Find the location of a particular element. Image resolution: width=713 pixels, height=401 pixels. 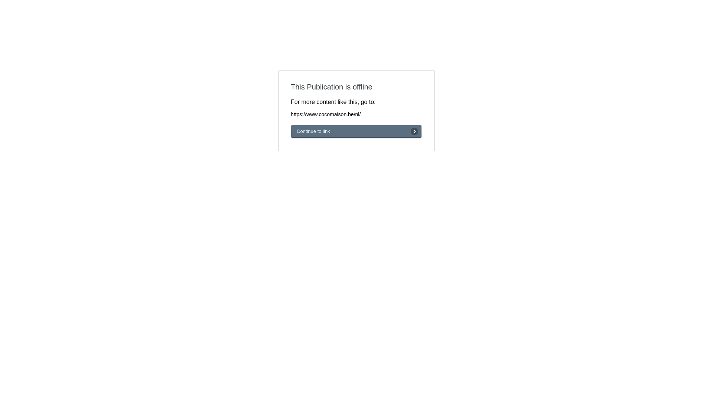

'Continue to link' is located at coordinates (356, 131).